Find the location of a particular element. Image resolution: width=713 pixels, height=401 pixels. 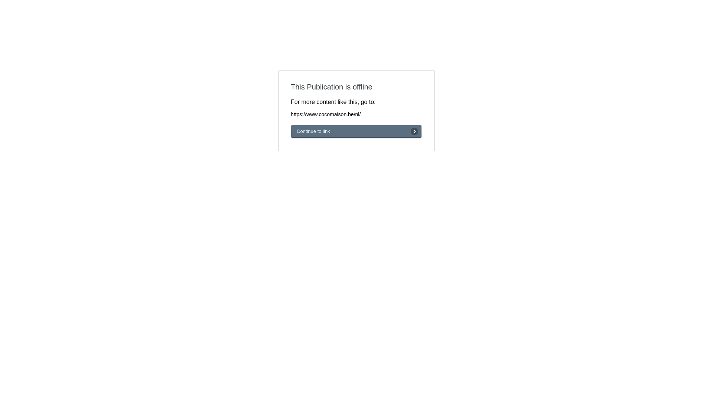

'Continue to link' is located at coordinates (356, 131).